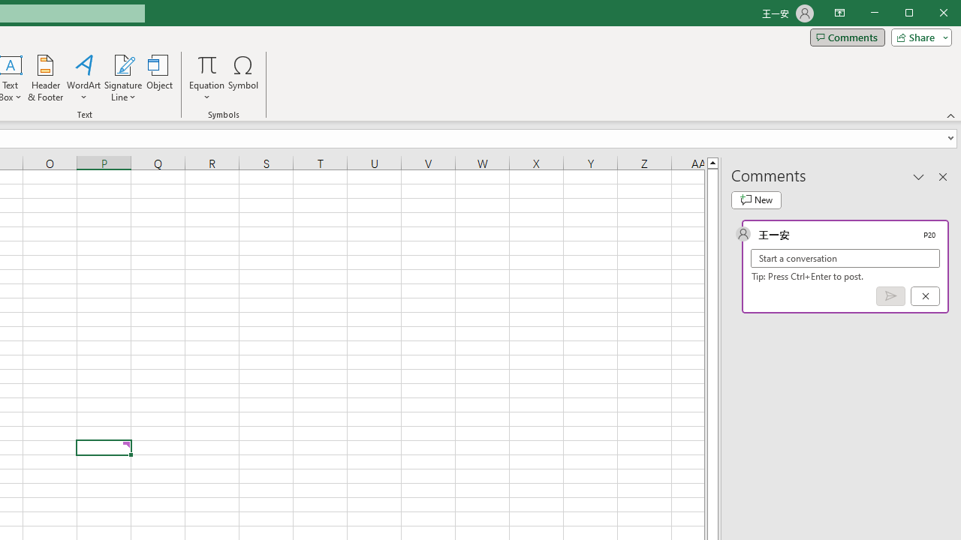  I want to click on 'Signature Line', so click(123, 64).